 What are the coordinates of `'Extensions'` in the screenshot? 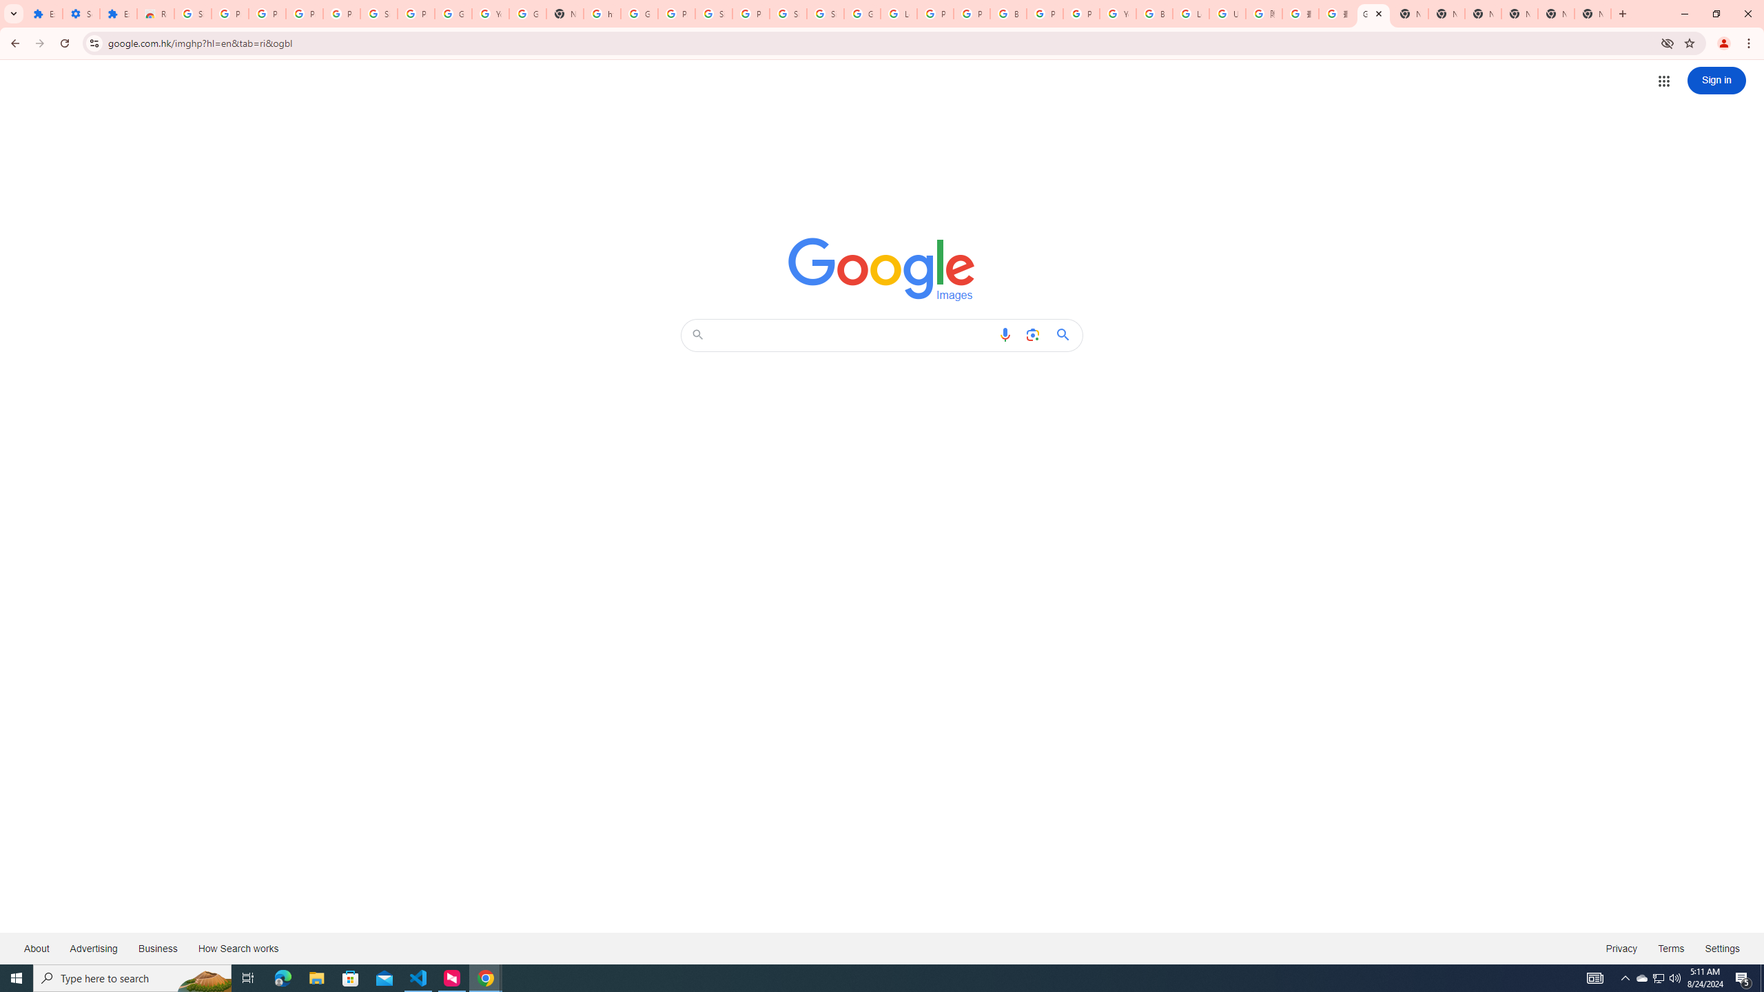 It's located at (118, 13).